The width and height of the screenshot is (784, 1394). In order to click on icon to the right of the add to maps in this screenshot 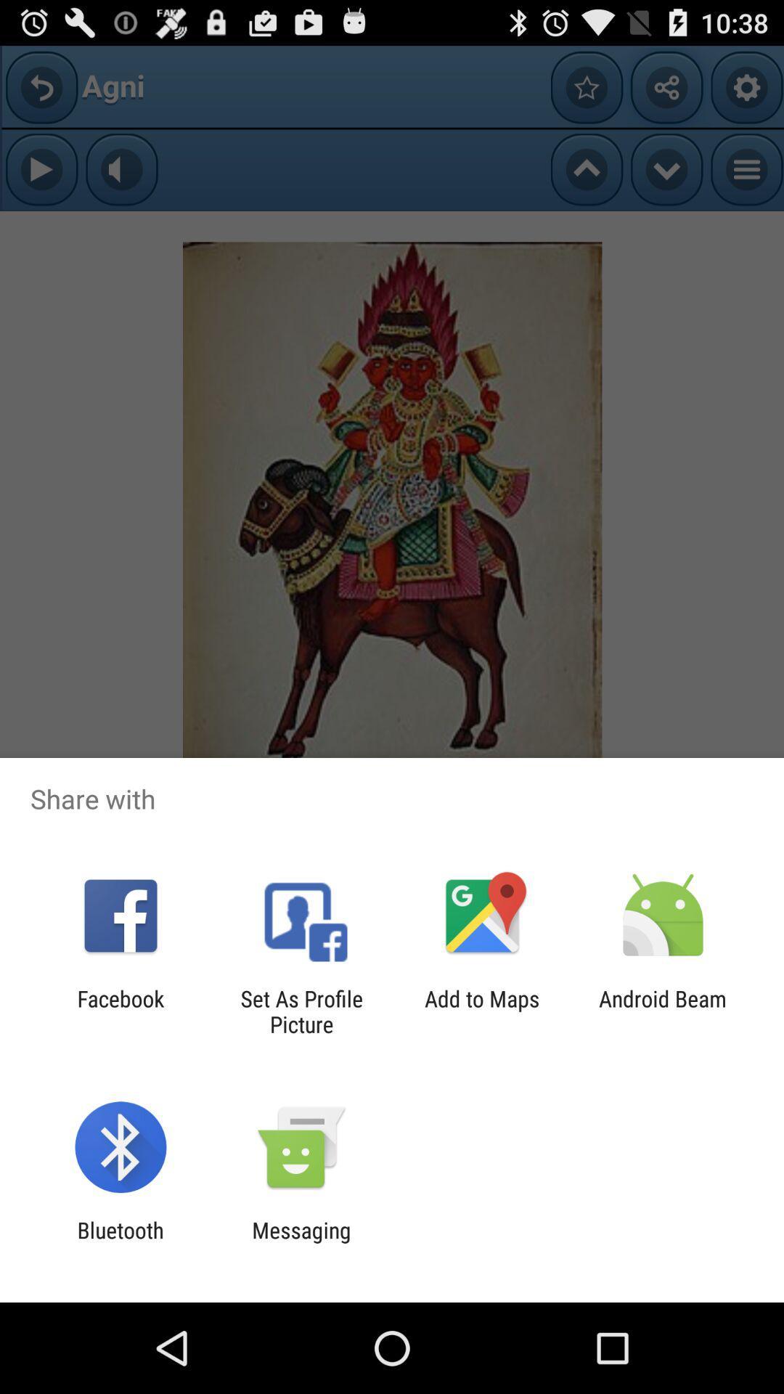, I will do `click(663, 1011)`.